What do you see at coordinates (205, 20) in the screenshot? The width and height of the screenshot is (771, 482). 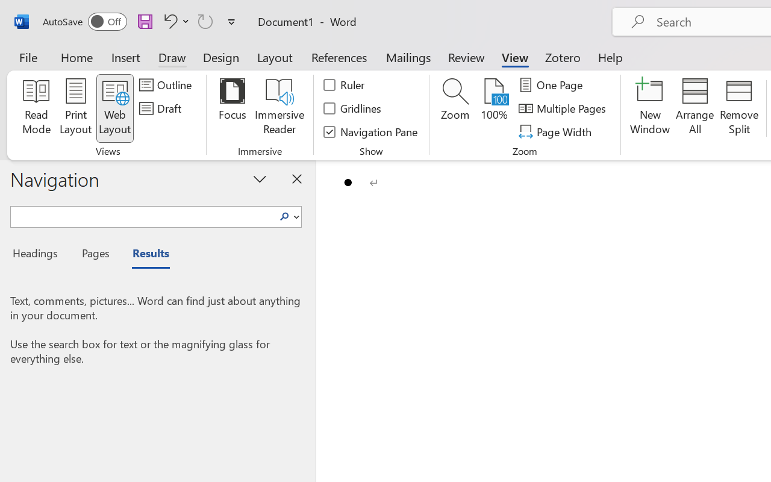 I see `'Can'` at bounding box center [205, 20].